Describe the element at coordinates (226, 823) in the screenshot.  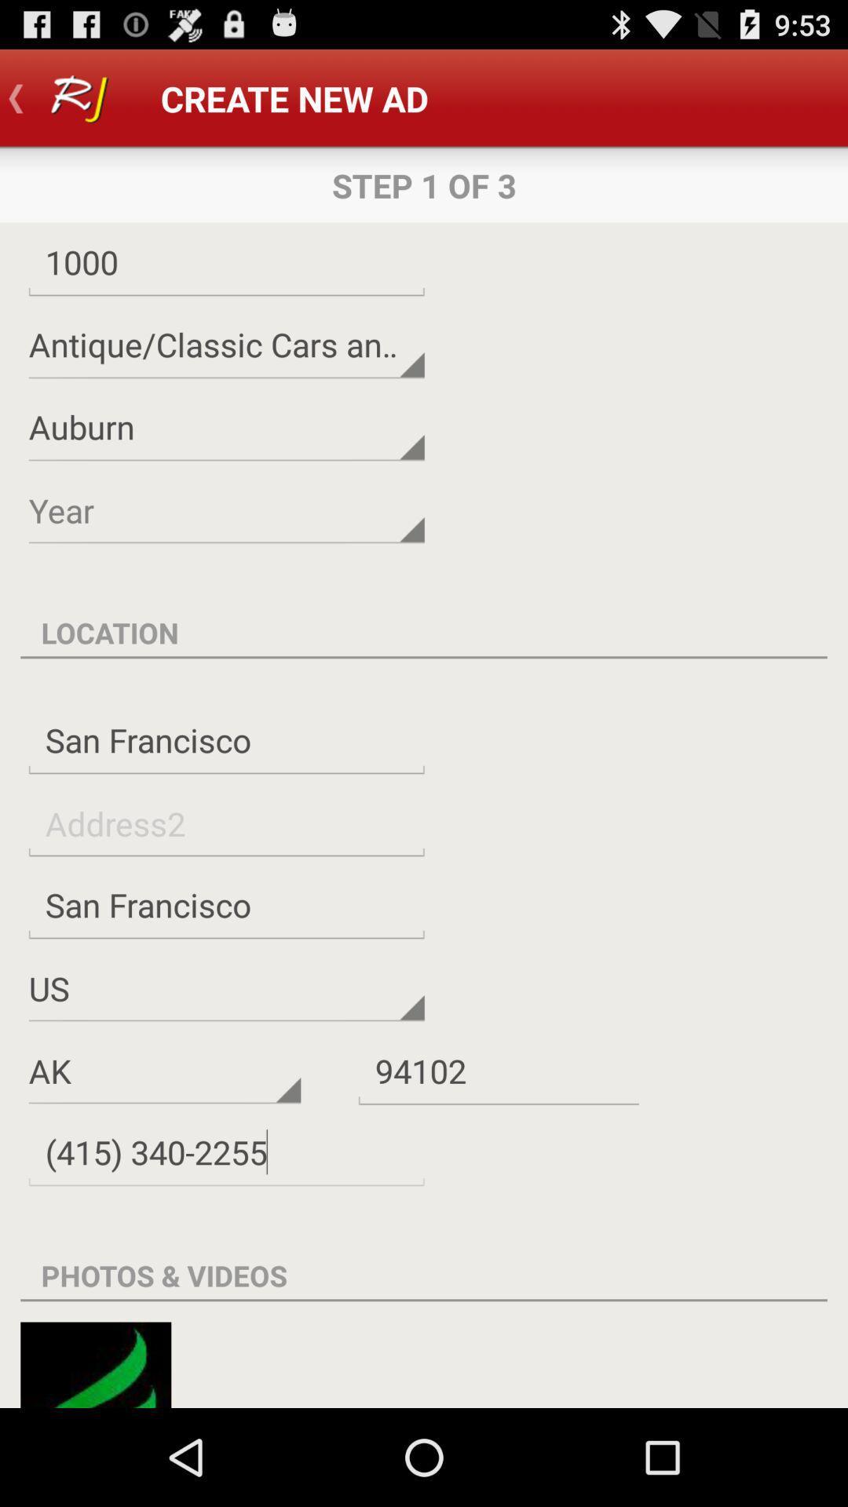
I see `type address` at that location.